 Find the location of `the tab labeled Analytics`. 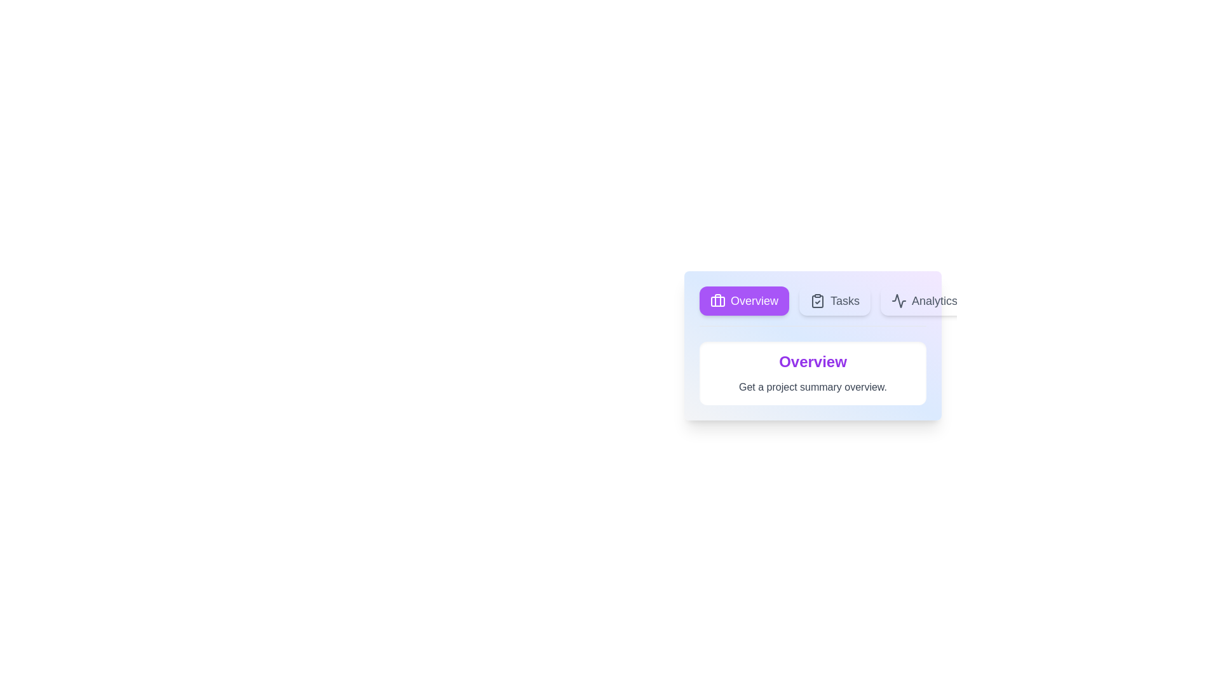

the tab labeled Analytics is located at coordinates (924, 301).